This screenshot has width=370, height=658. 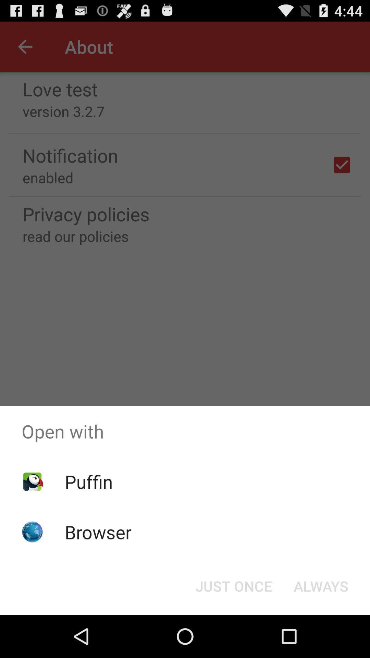 What do you see at coordinates (233, 585) in the screenshot?
I see `the icon to the left of always icon` at bounding box center [233, 585].